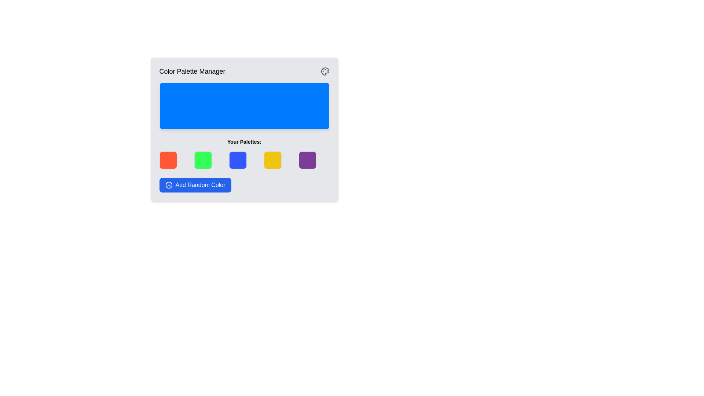  I want to click on the blue rectangular button with rounded corners labeled 'Add Random Color', so click(195, 185).